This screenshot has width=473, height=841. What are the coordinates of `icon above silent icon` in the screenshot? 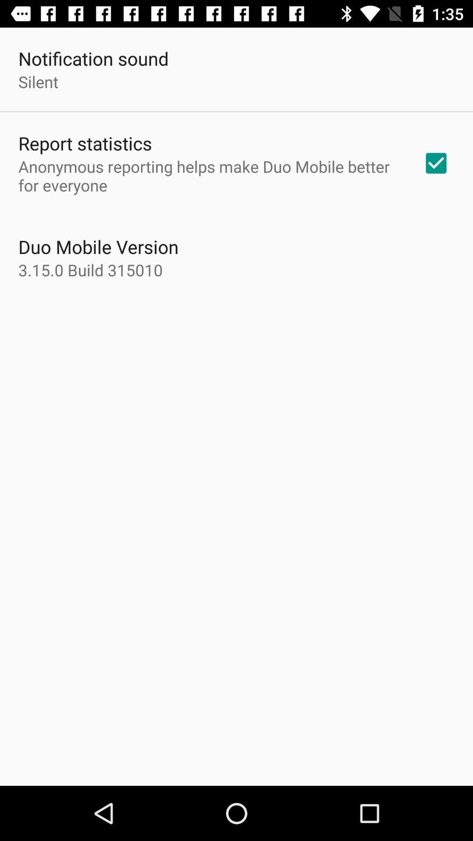 It's located at (93, 58).